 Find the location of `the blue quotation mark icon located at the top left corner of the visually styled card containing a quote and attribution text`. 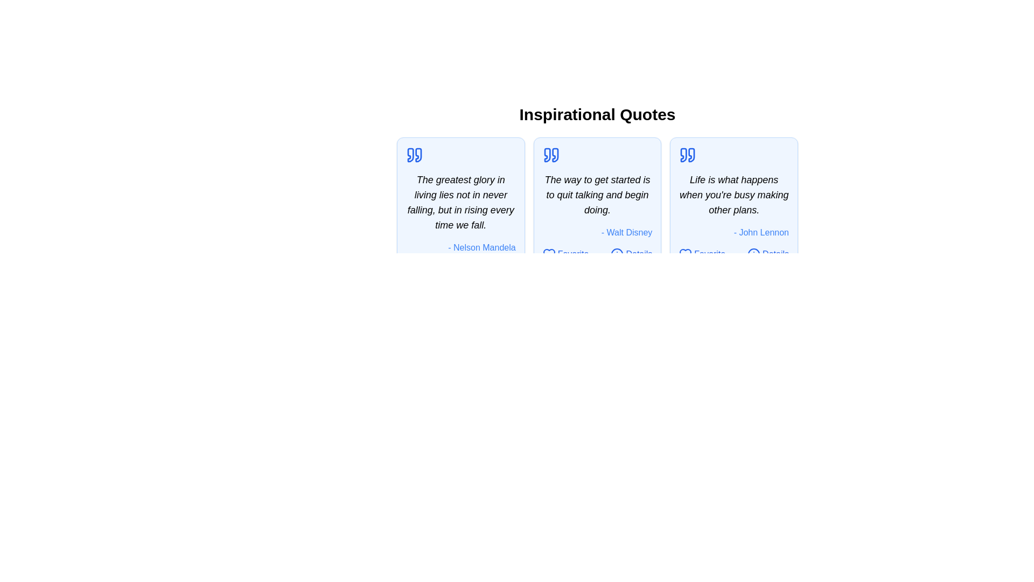

the blue quotation mark icon located at the top left corner of the visually styled card containing a quote and attribution text is located at coordinates (547, 155).